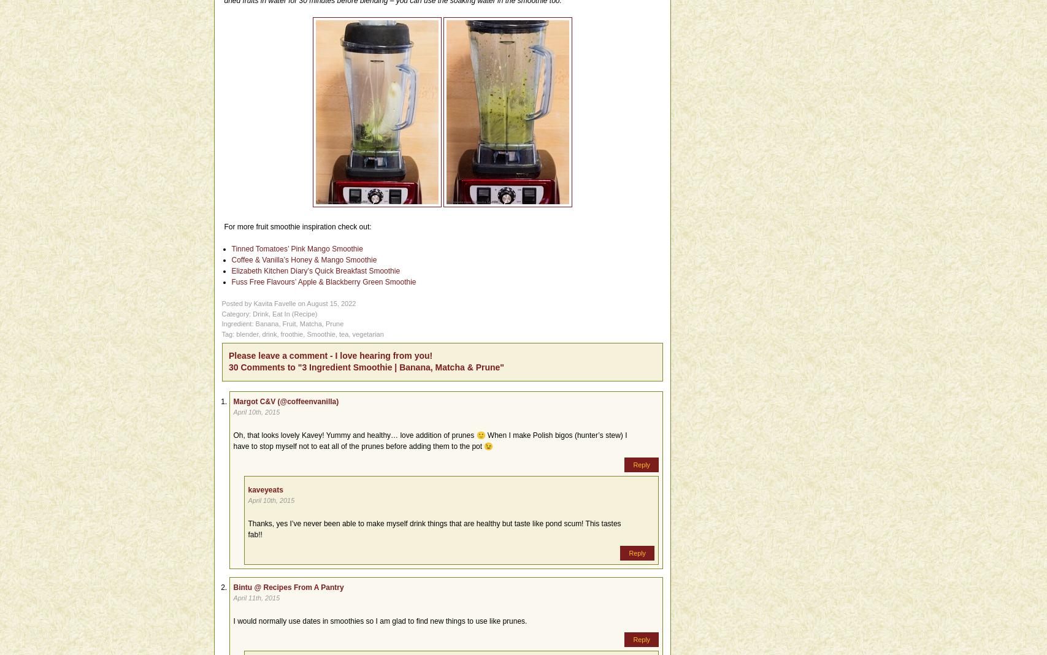  Describe the element at coordinates (289, 313) in the screenshot. I see `'('` at that location.